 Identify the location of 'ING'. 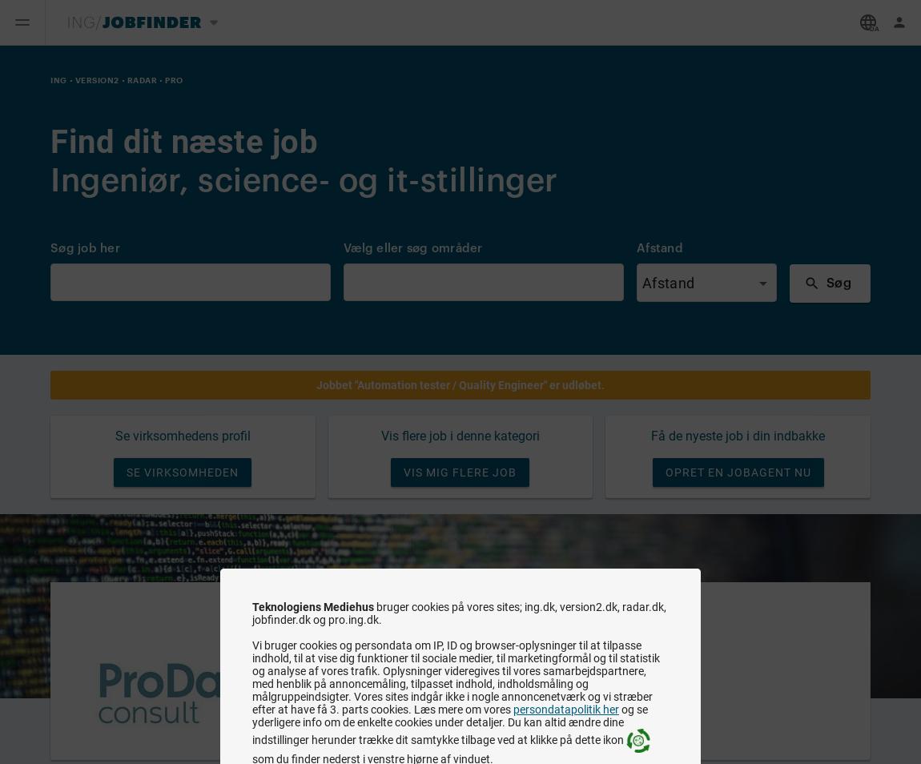
(58, 78).